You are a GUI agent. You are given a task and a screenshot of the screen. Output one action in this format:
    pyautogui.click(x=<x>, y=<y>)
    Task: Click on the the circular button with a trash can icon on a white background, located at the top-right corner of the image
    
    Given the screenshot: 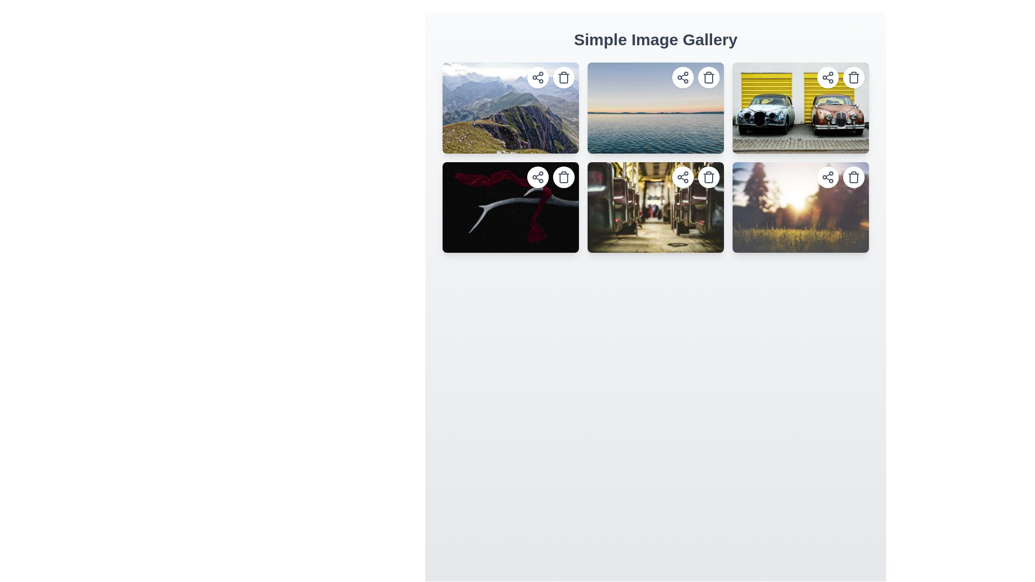 What is the action you would take?
    pyautogui.click(x=551, y=176)
    